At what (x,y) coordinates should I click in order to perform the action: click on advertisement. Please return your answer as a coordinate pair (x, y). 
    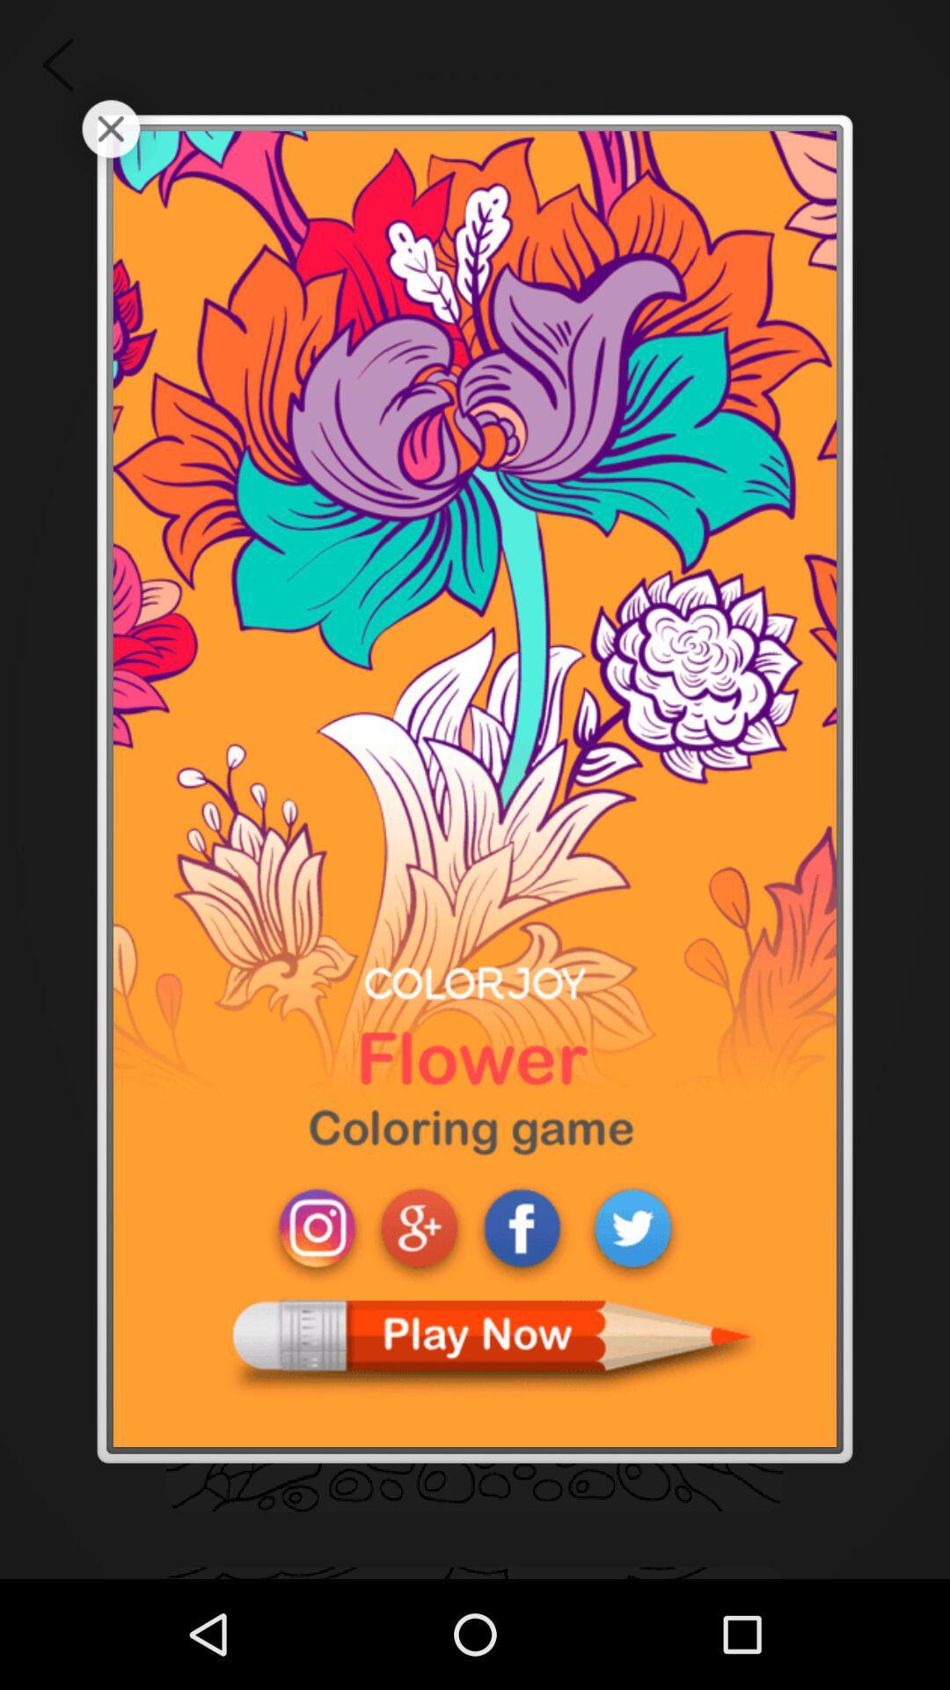
    Looking at the image, I should click on (475, 788).